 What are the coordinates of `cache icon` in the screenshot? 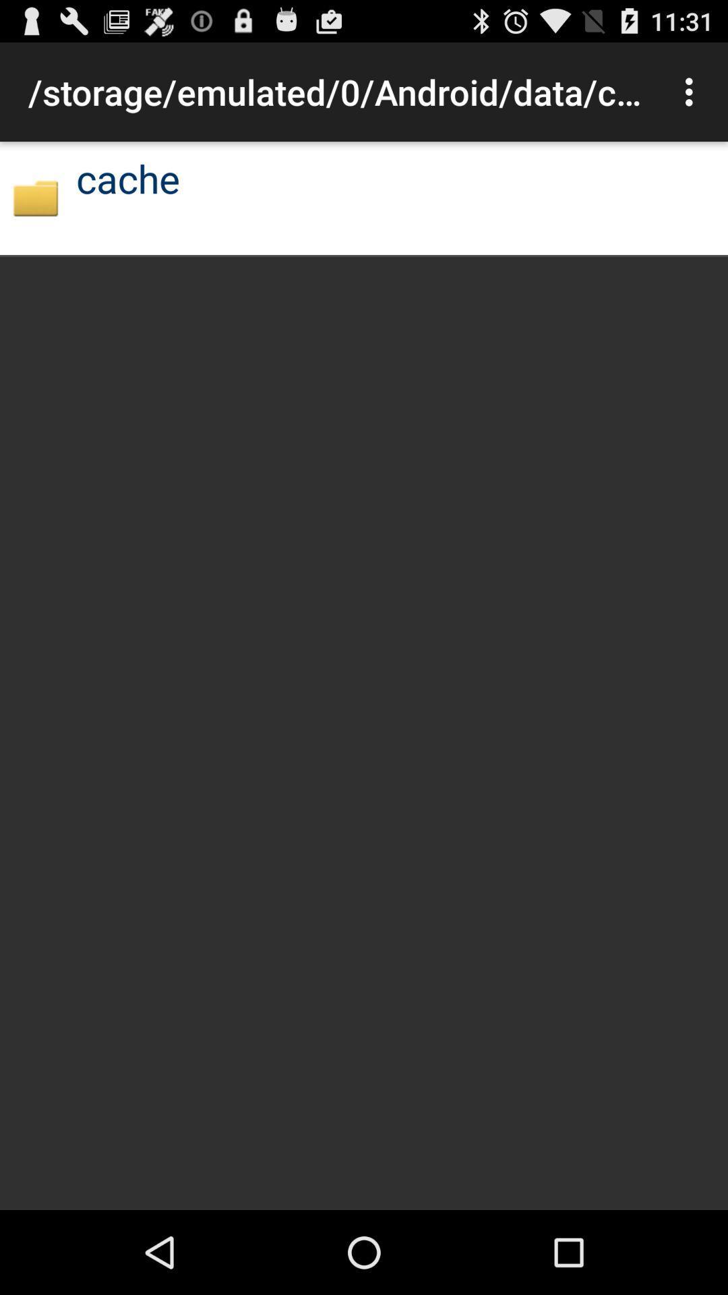 It's located at (128, 177).